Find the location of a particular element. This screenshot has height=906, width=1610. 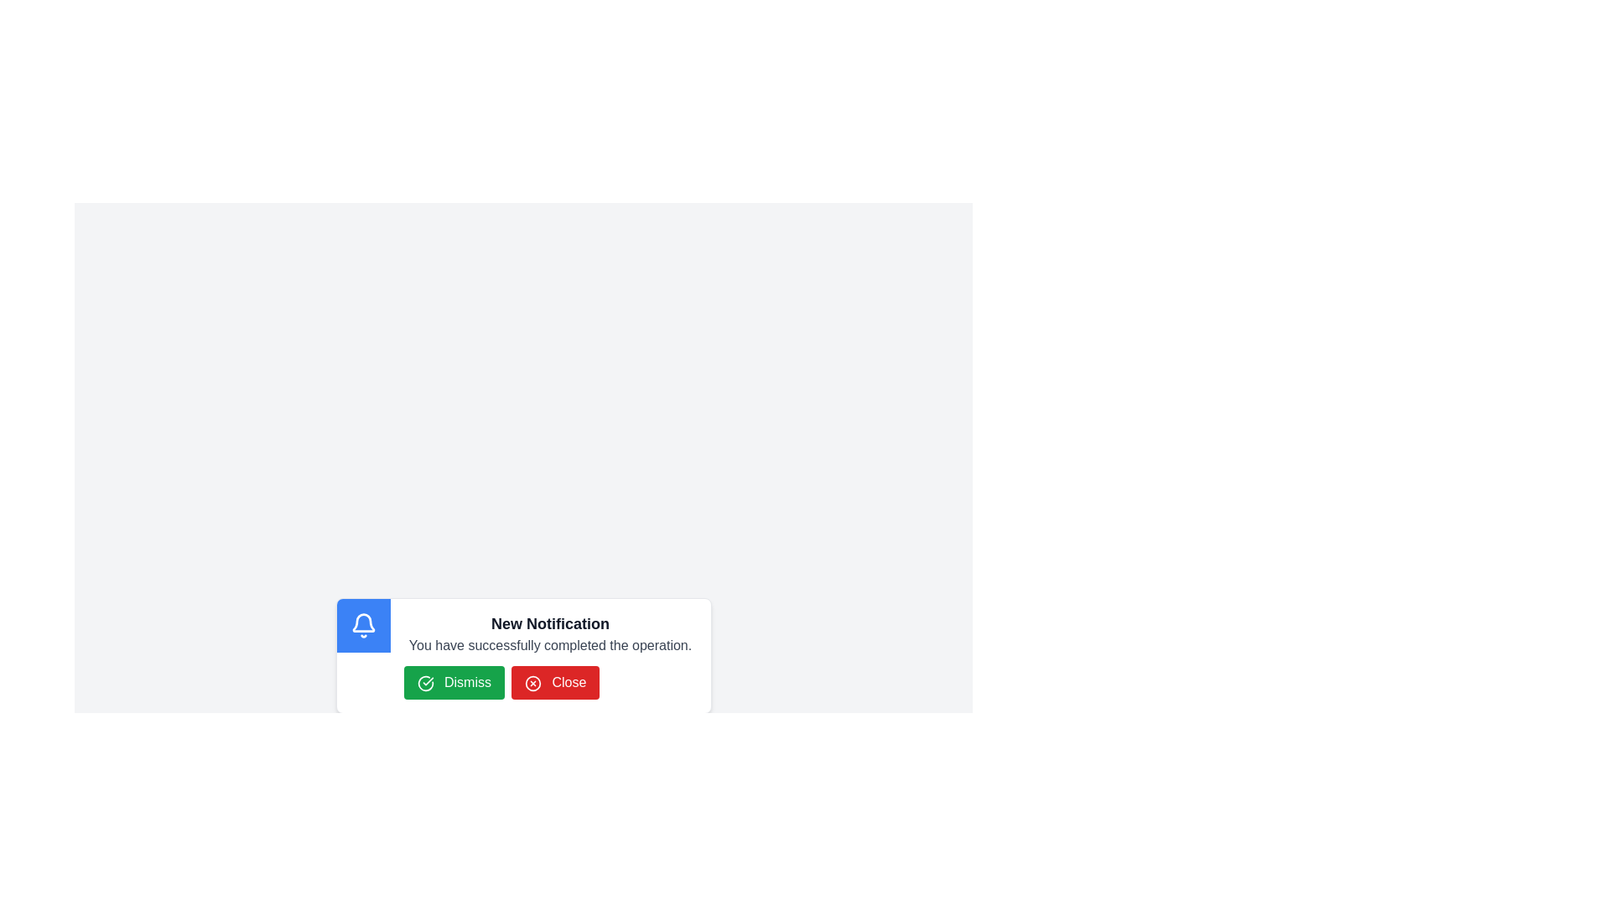

'New Notification' text label which is bold and large, located above the message text and buttons in the notification card is located at coordinates (550, 624).